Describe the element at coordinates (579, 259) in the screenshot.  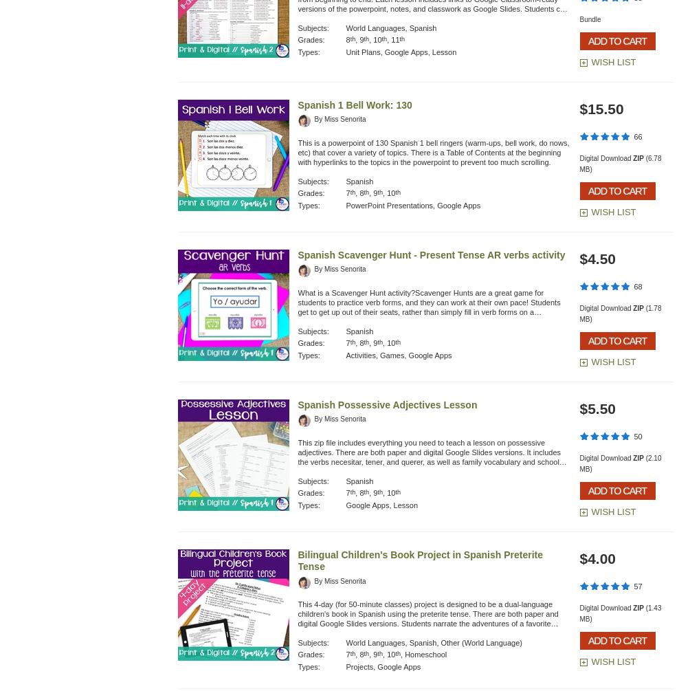
I see `'$4.50'` at that location.